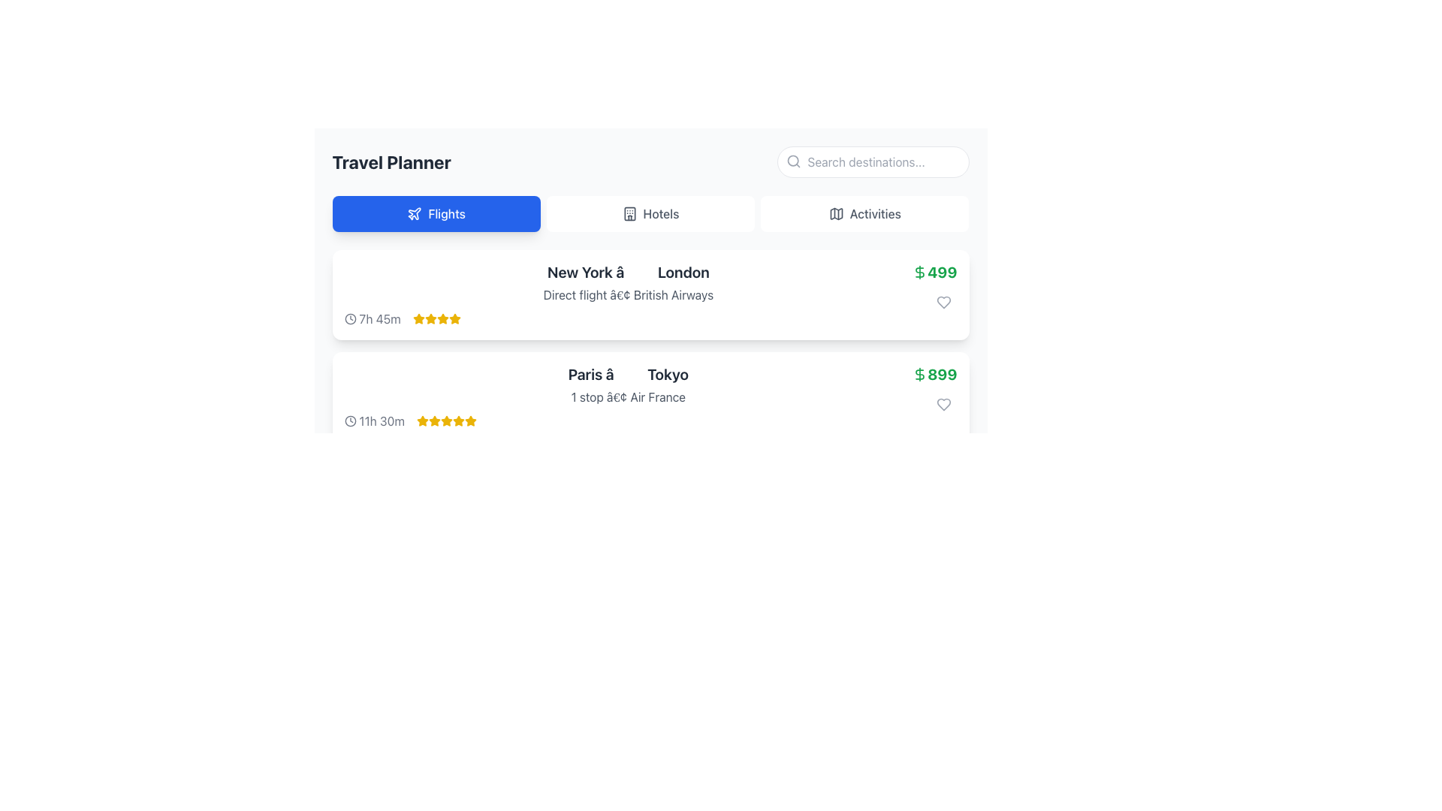 The image size is (1442, 811). Describe the element at coordinates (628, 396) in the screenshot. I see `the travel itinerary item displaying a flight from 'Paris' to 'Tokyo' with details '1 stop • Air France' and duration '11h 30m'` at that location.